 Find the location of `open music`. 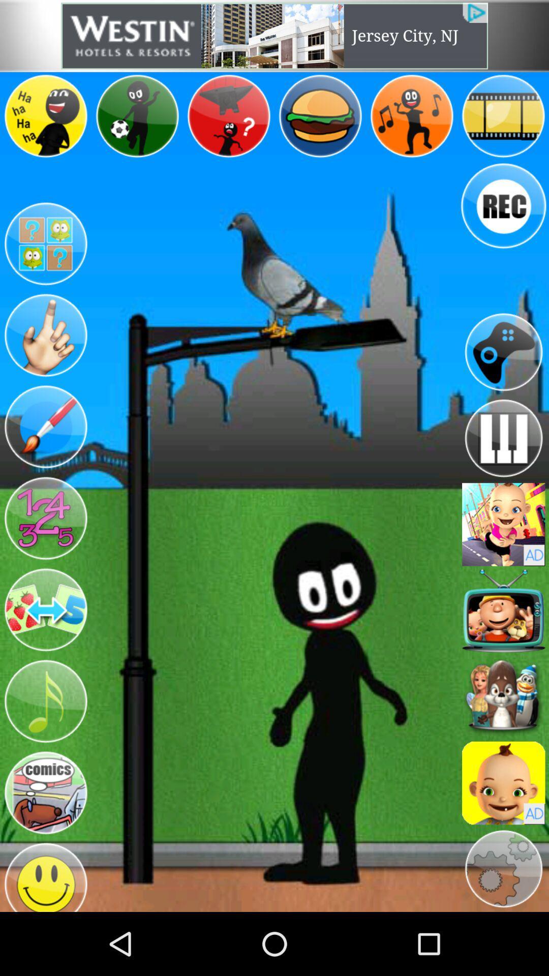

open music is located at coordinates (45, 701).